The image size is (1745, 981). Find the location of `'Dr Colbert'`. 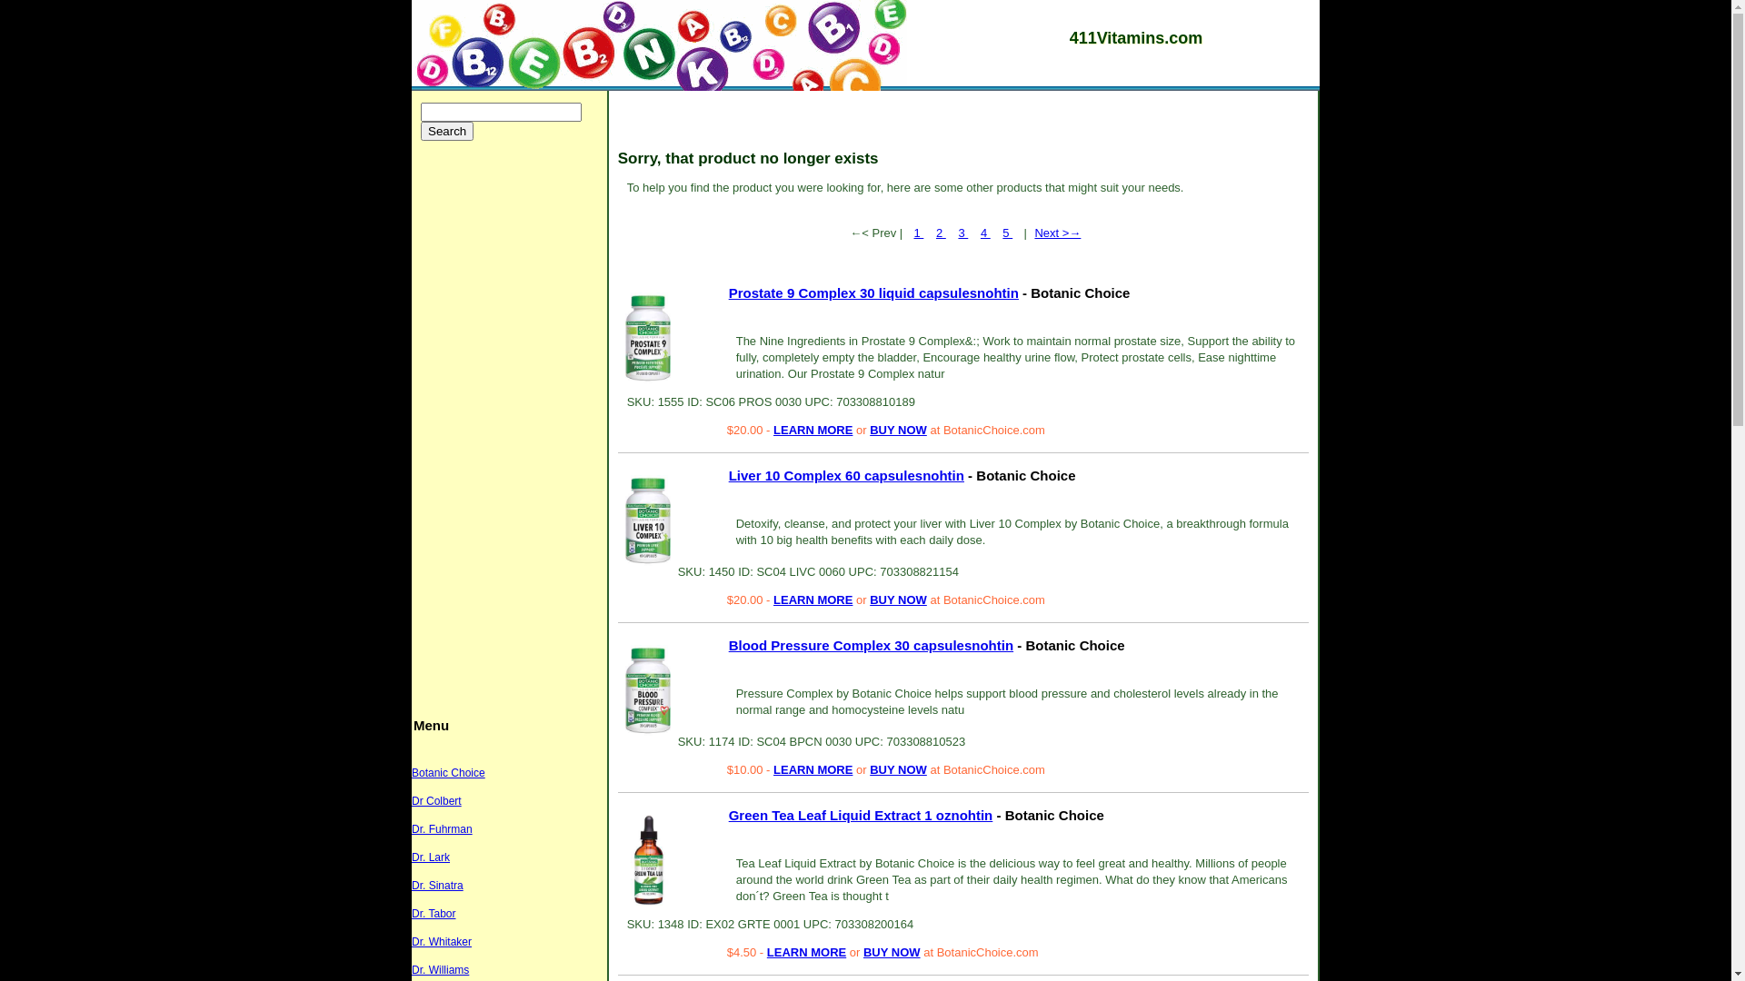

'Dr Colbert' is located at coordinates (436, 800).